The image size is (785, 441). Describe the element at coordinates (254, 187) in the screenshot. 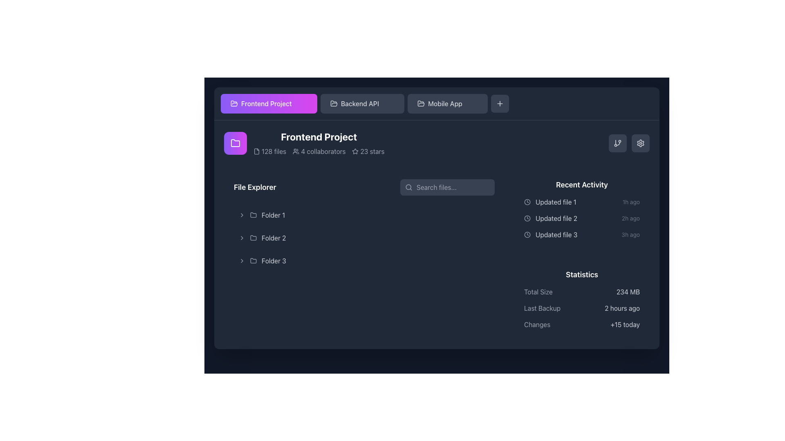

I see `the prominently styled 'File Explorer' text label, which is bold and white against a dark background, located near the upper portion of the interface` at that location.